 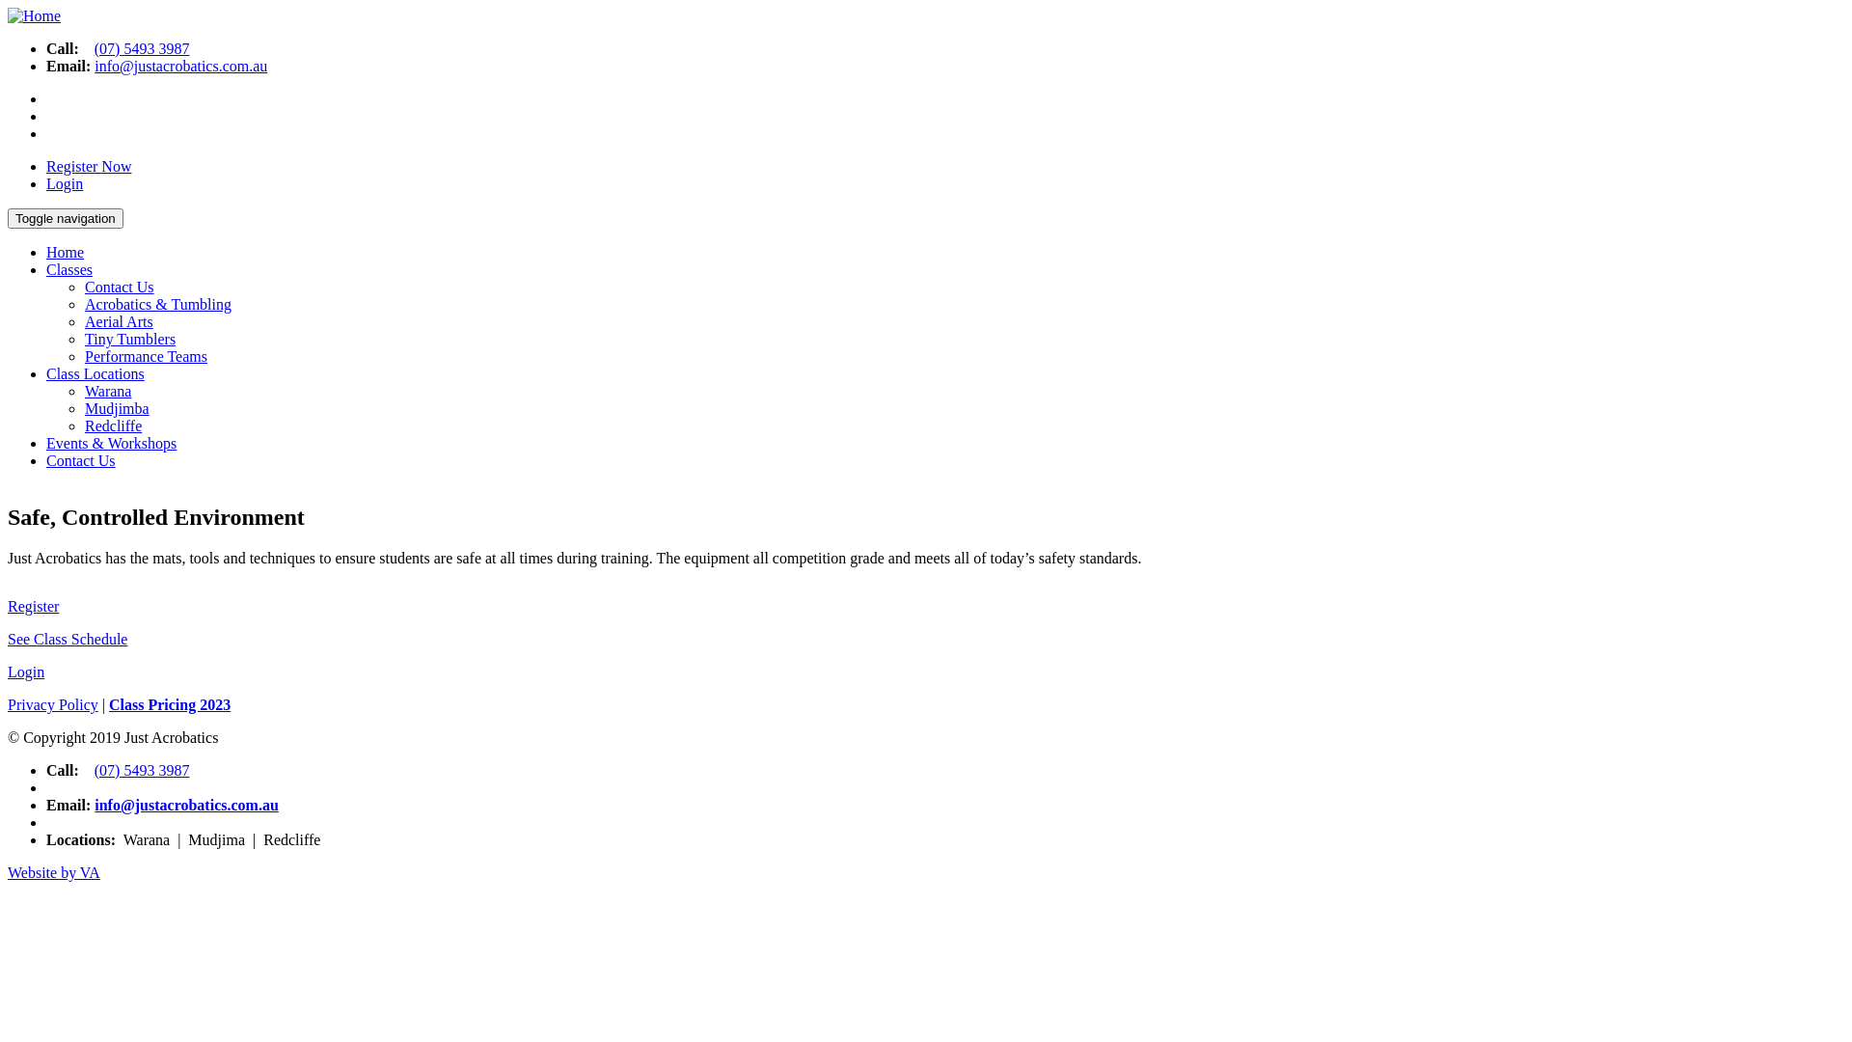 I want to click on 'info@justacrobatics.com.au', so click(x=180, y=65).